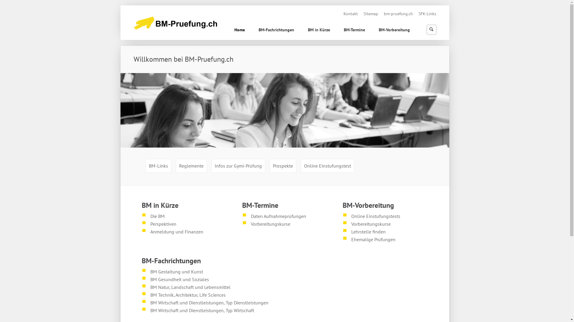 This screenshot has width=574, height=322. I want to click on ' ', so click(409, 24).